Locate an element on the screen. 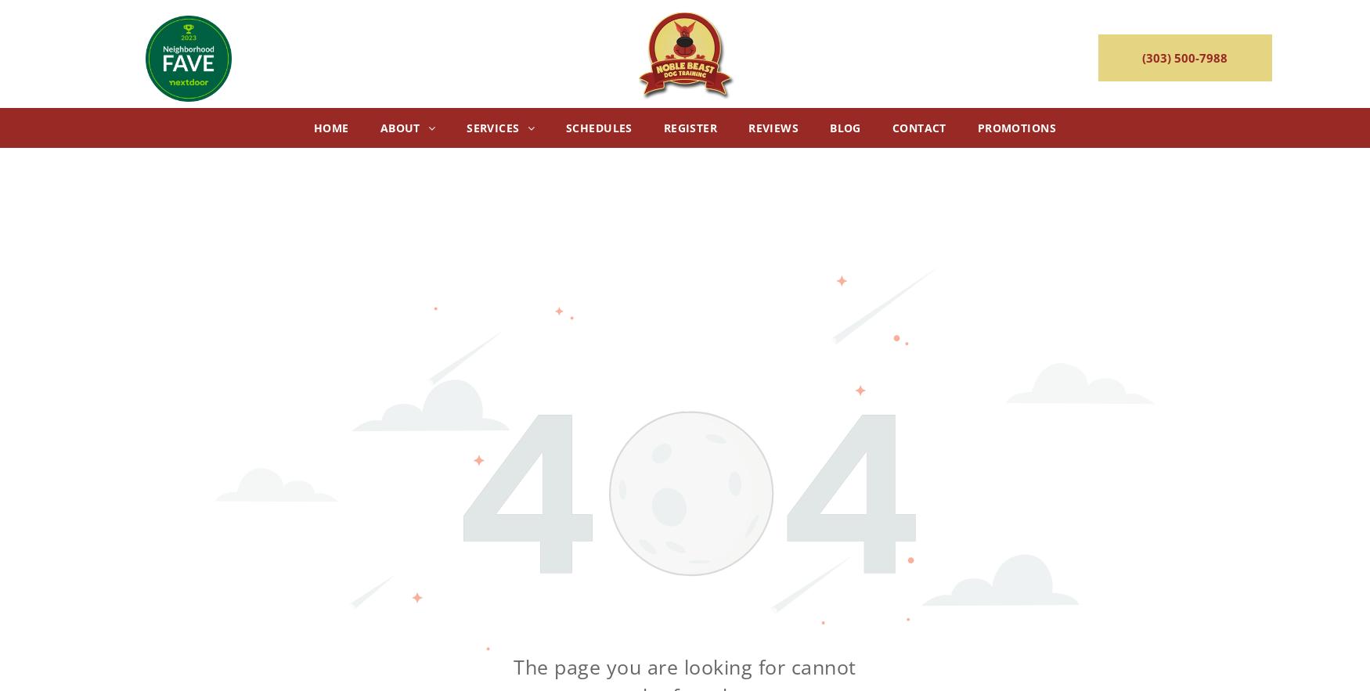  'AKC Canine Good Citizen Class & Testing' is located at coordinates (741, 301).